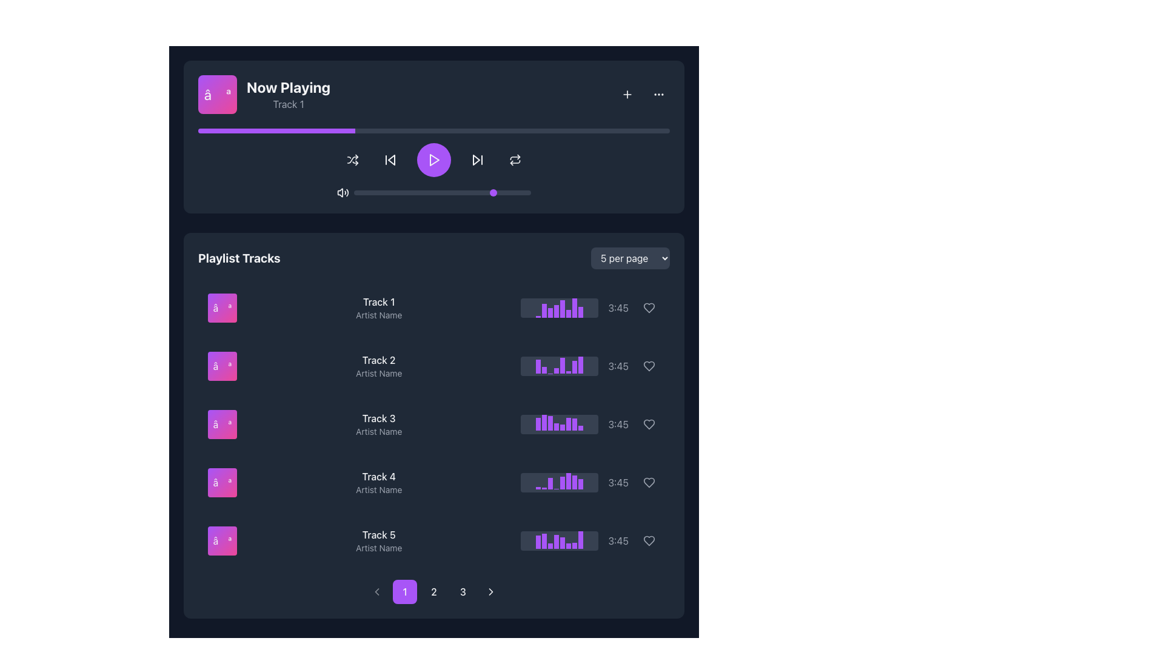 The height and width of the screenshot is (655, 1164). Describe the element at coordinates (264, 93) in the screenshot. I see `the text label that displays the currently playing track's title, located immediately to the right of a square icon with a purple gradient, at the top left of the playback controls section` at that location.